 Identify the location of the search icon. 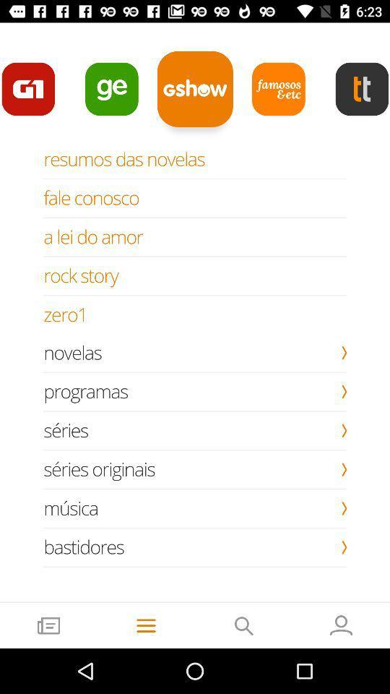
(243, 625).